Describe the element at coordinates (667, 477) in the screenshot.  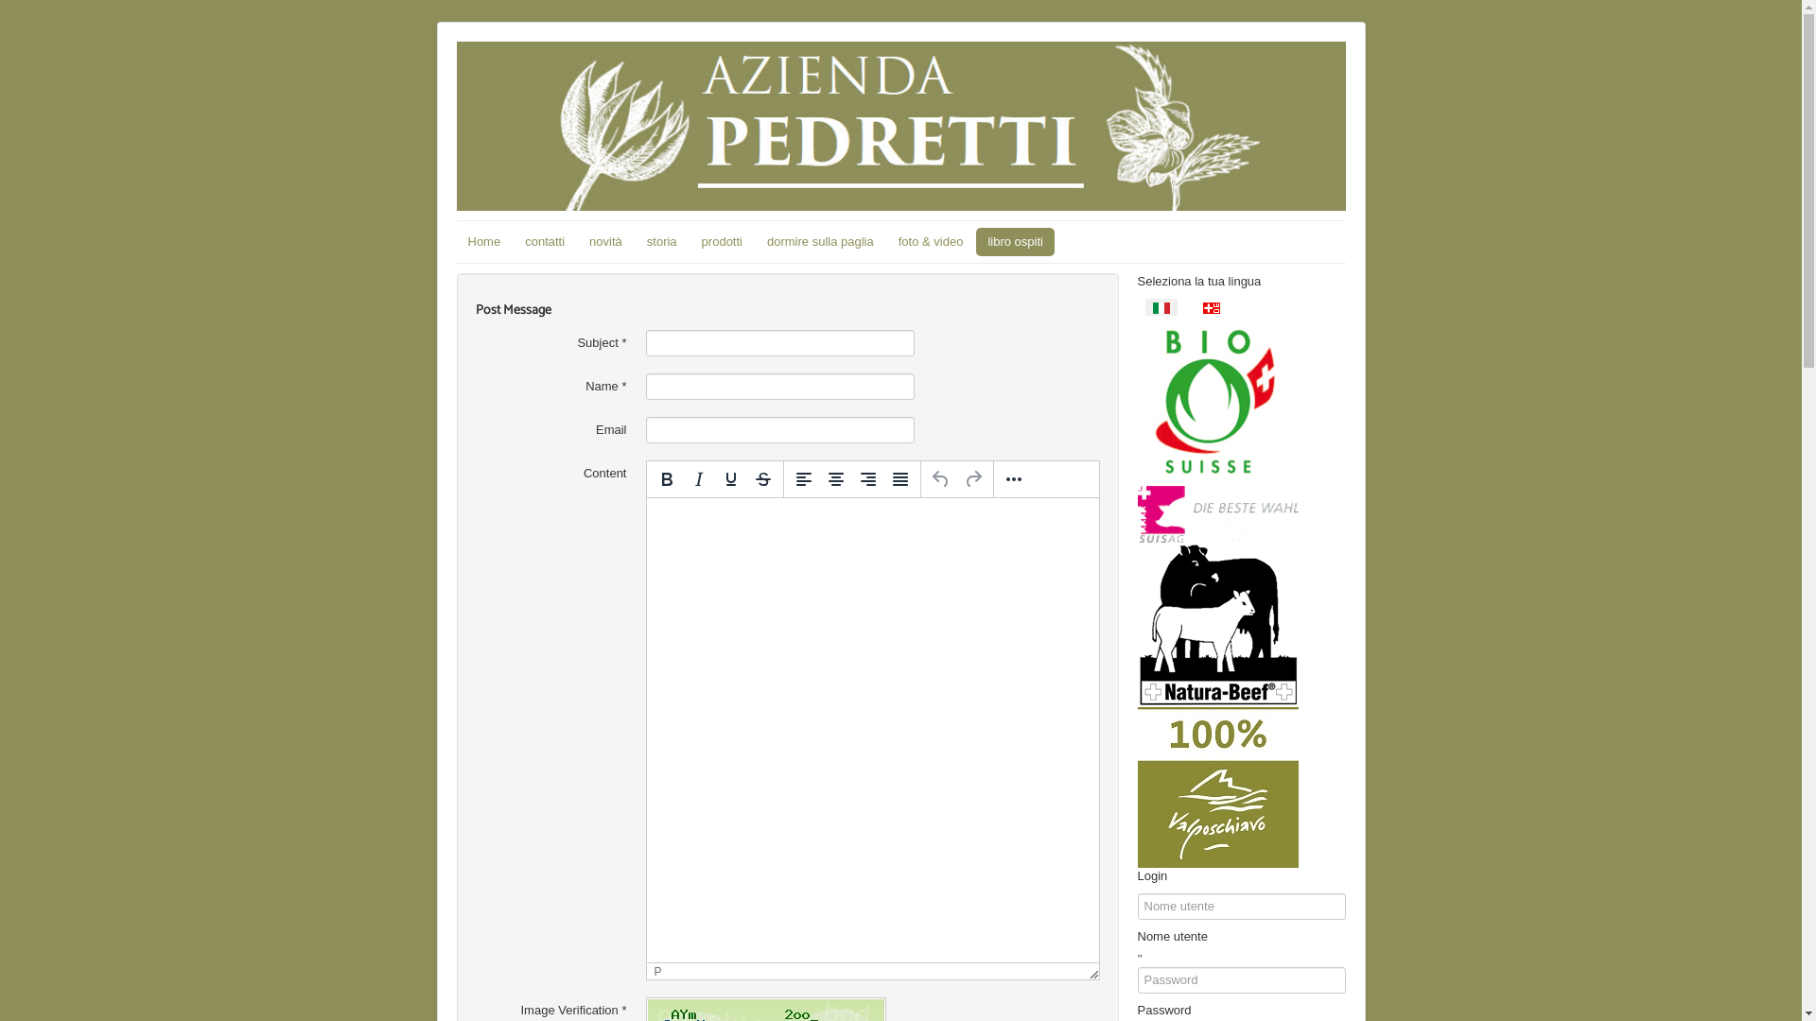
I see `'Grassetto'` at that location.